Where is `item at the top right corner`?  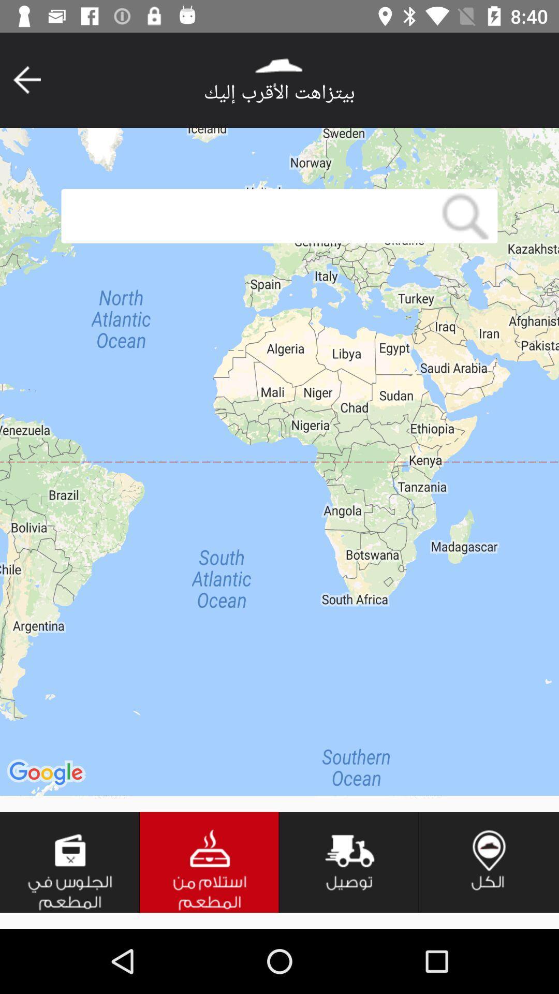 item at the top right corner is located at coordinates (465, 215).